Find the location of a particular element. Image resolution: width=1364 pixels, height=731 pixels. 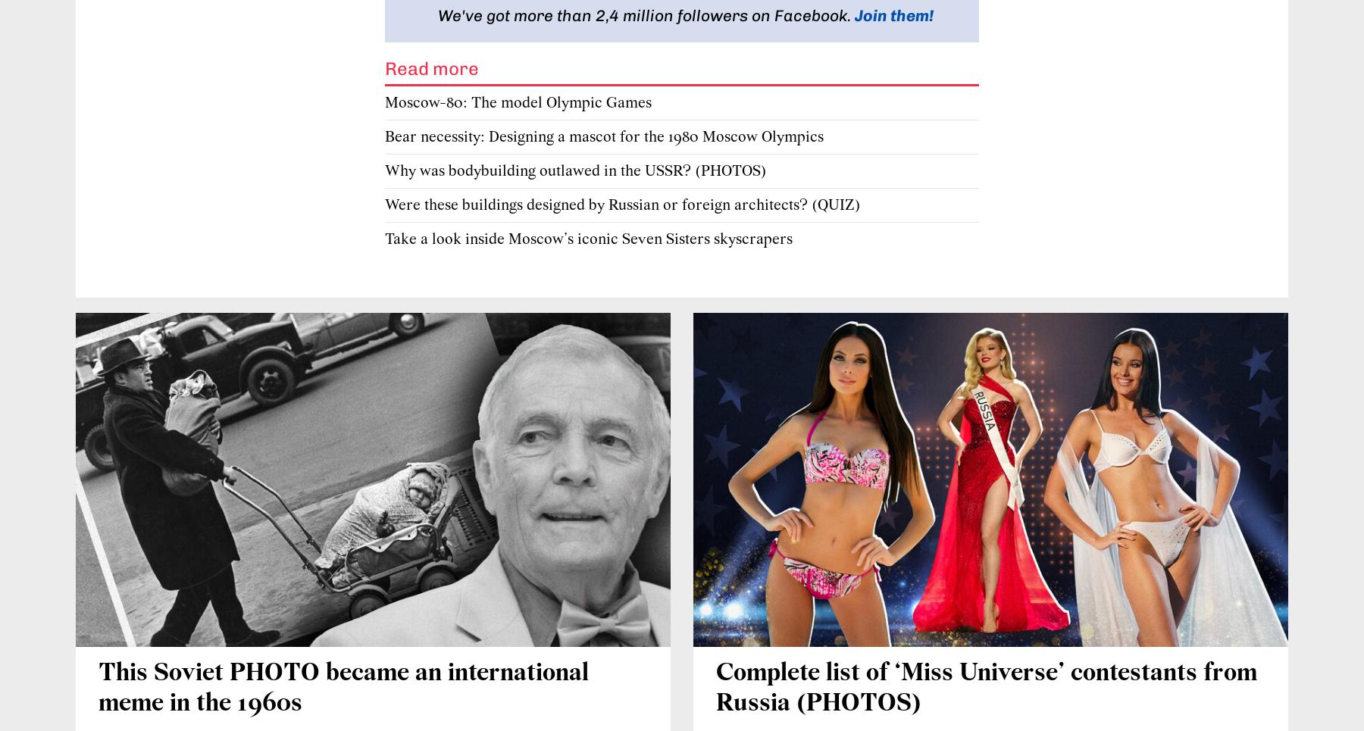

'Join them!' is located at coordinates (893, 14).